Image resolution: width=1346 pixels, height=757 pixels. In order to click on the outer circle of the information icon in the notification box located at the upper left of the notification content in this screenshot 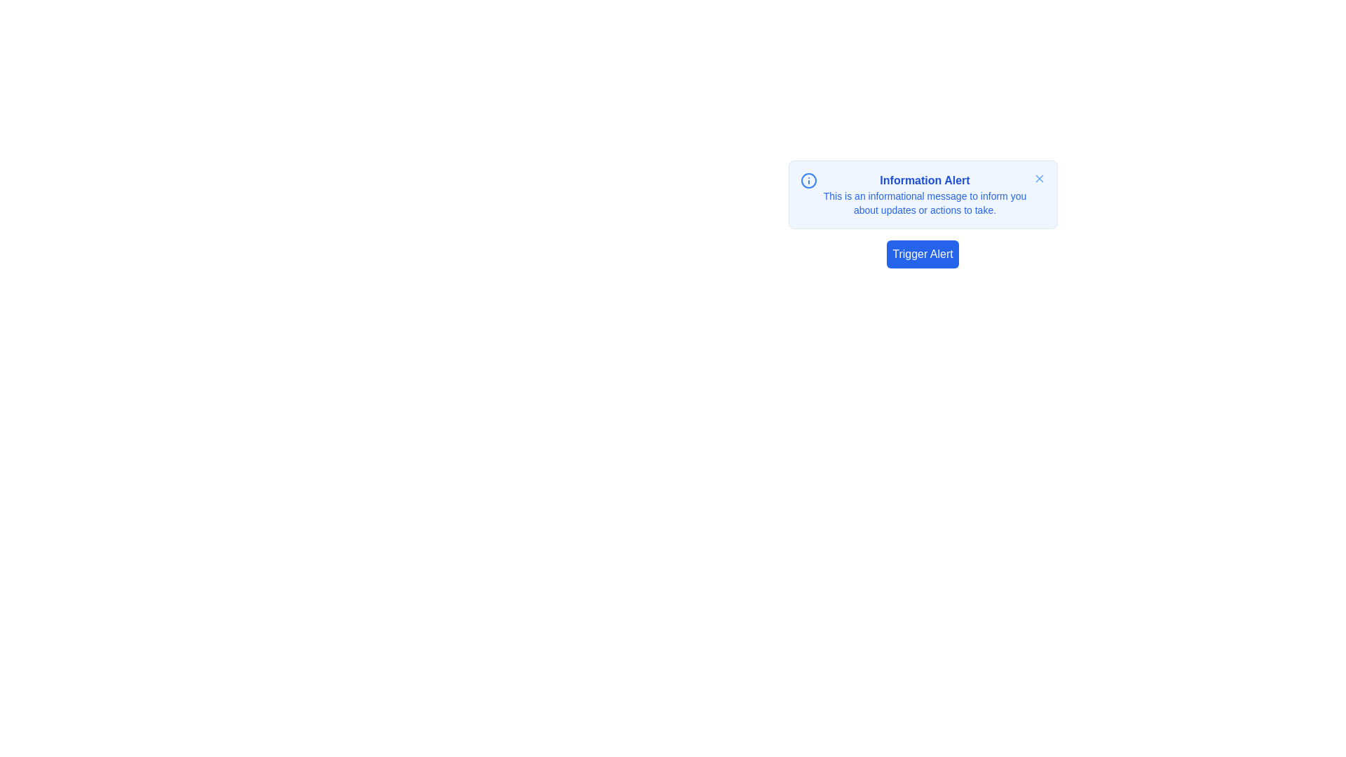, I will do `click(808, 180)`.